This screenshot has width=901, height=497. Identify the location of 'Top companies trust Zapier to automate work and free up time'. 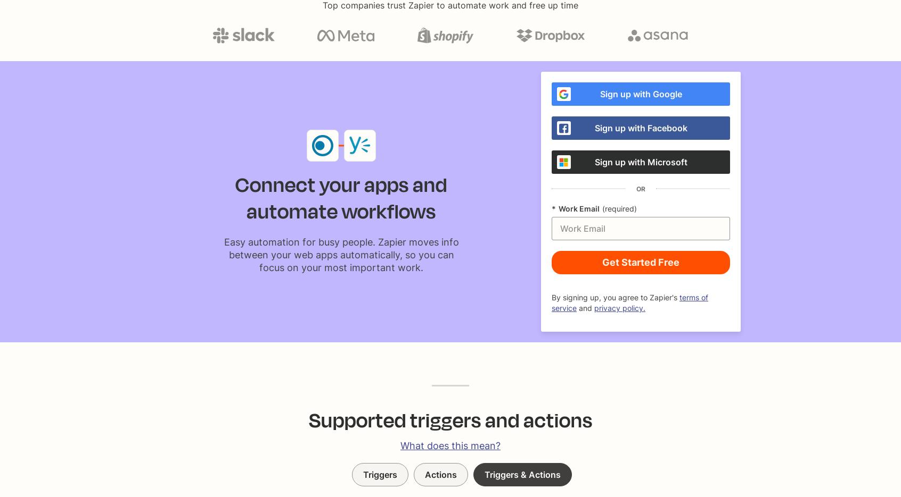
(322, 5).